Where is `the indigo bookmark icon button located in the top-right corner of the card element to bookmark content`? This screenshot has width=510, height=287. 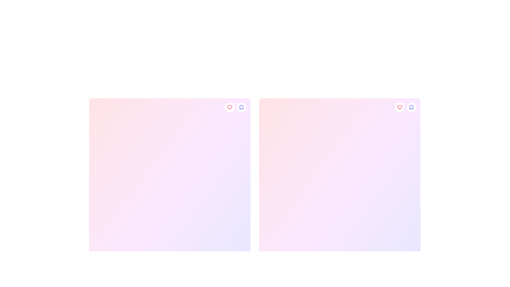 the indigo bookmark icon button located in the top-right corner of the card element to bookmark content is located at coordinates (241, 107).